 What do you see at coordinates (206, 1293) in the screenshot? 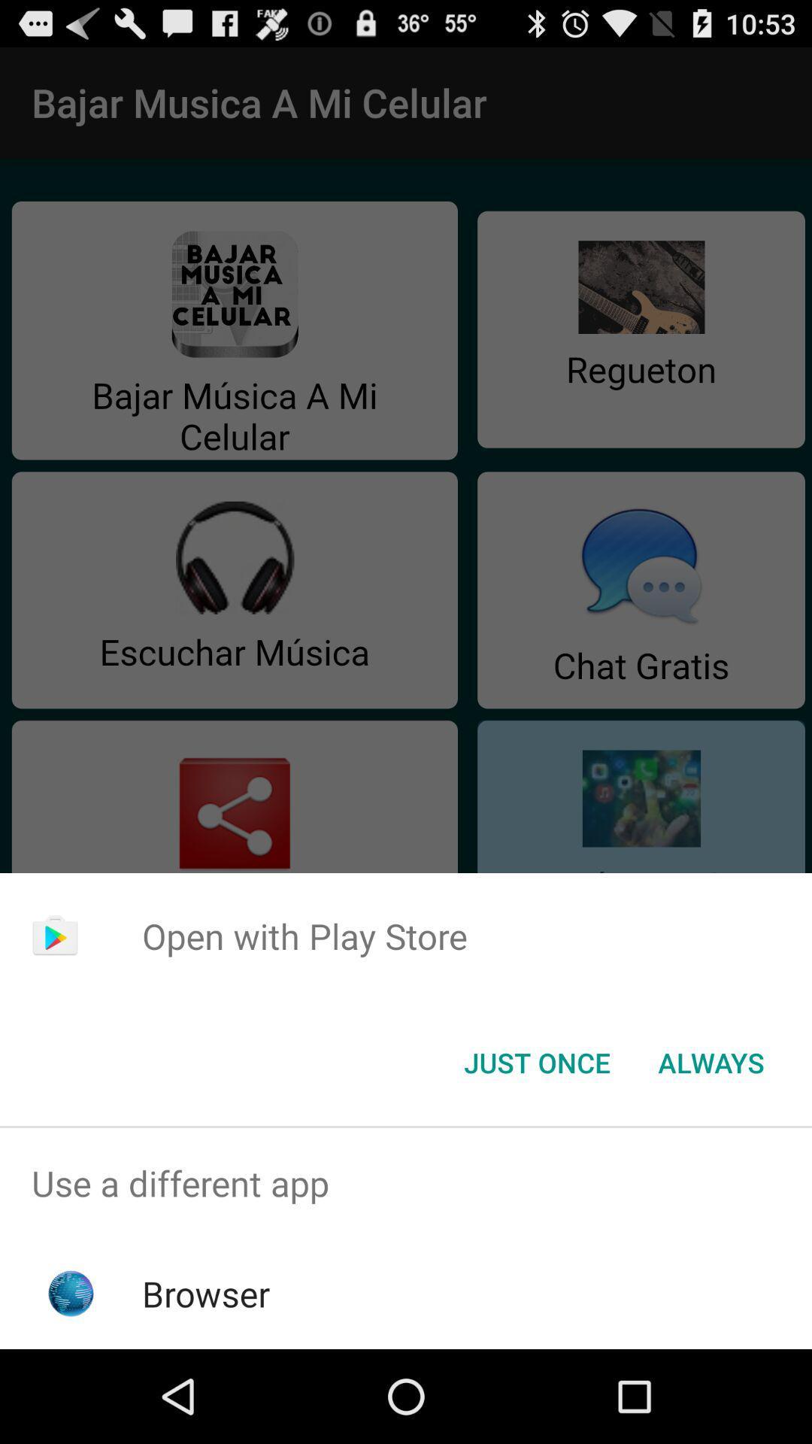
I see `browser app` at bounding box center [206, 1293].